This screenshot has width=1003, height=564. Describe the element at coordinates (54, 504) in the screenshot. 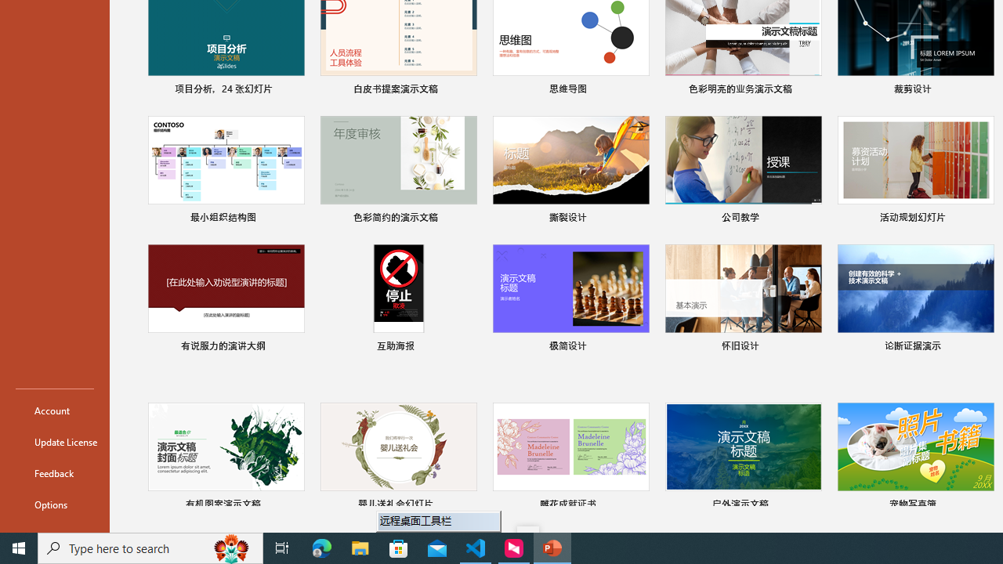

I see `'Options'` at that location.